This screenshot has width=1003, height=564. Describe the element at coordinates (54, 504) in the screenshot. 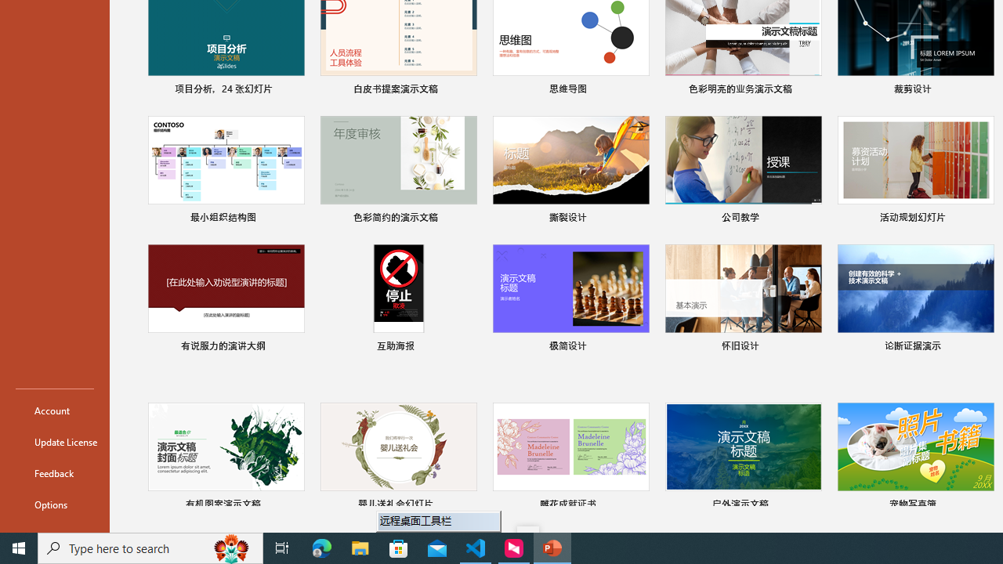

I see `'Options'` at that location.